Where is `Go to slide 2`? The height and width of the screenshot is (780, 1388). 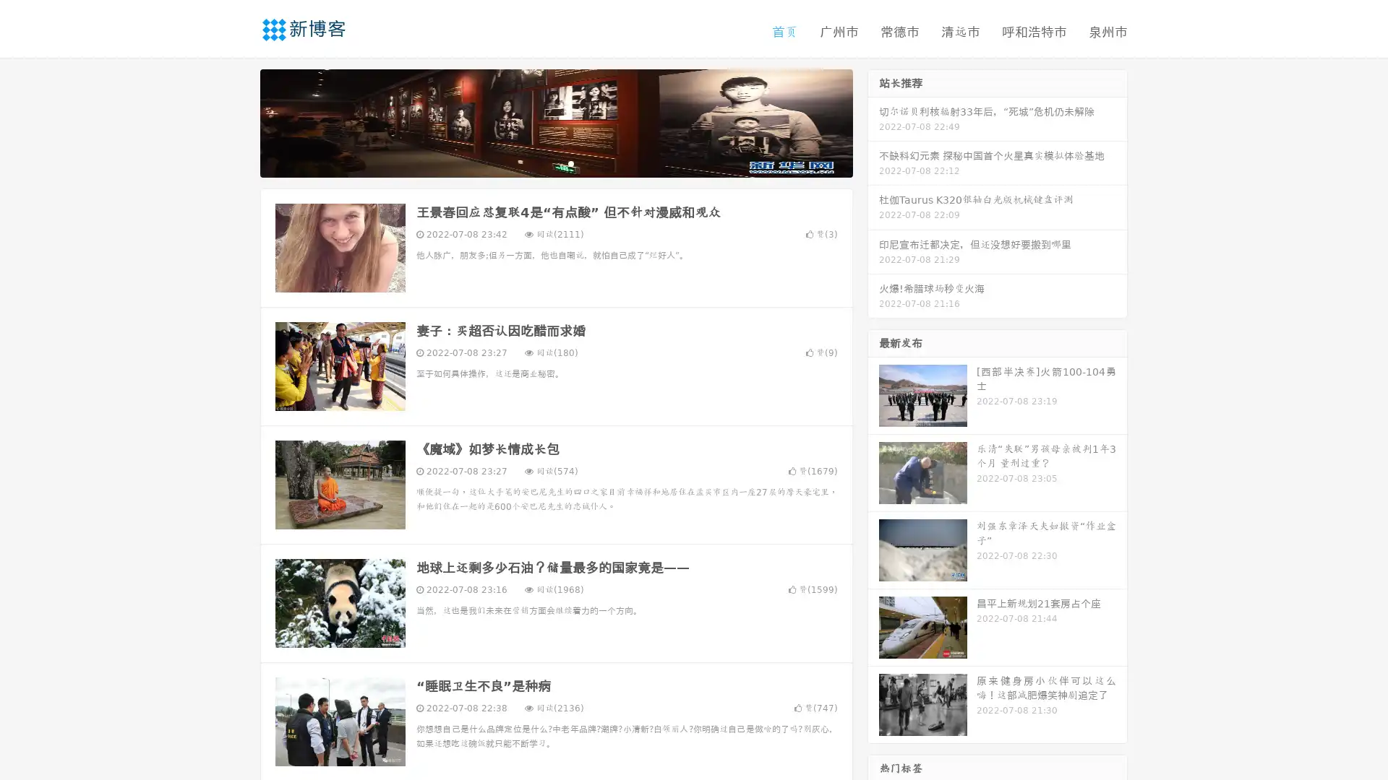
Go to slide 2 is located at coordinates (555, 162).